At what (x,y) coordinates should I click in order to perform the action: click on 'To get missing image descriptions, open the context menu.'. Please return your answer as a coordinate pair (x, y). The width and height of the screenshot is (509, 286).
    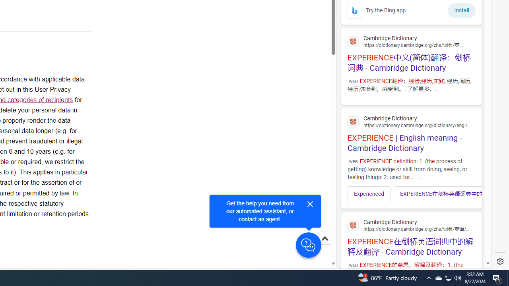
    Looking at the image, I should click on (354, 10).